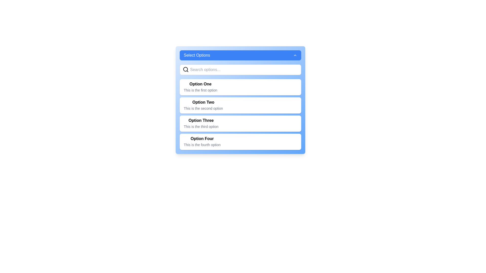 The width and height of the screenshot is (486, 273). Describe the element at coordinates (240, 107) in the screenshot. I see `the second selectable list item labeled 'Option Two' in the dropdown menu` at that location.